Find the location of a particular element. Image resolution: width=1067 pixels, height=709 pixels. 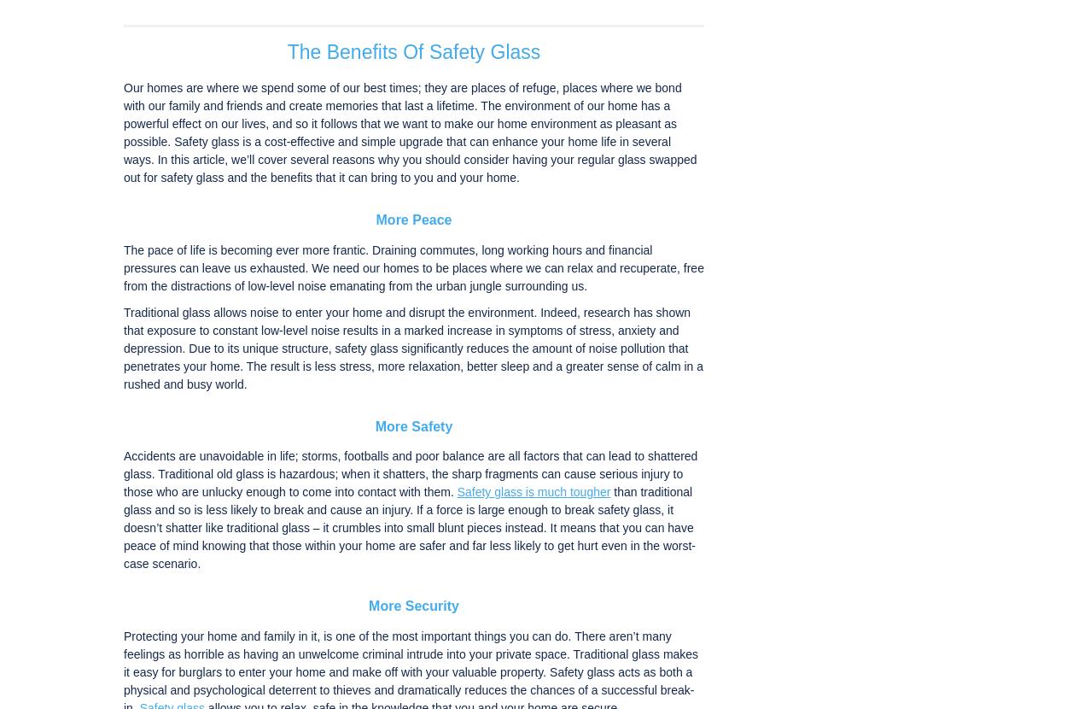

'Our homes are where we spend some of our best times; they are places of refuge, places where we bond with our family and friends and create memories that last a lifetime. The environment of our home has a powerful effect on our lives, and so it follows that we want to make our home environment as pleasant as possible. Safety glass is a cost-effective and simple upgrade that can enhance your home life in several ways. In this article, we’ll cover several reasons why you should consider having your regular glass swapped out for safety glass and the benefits that it can bring to you and your home.' is located at coordinates (409, 132).